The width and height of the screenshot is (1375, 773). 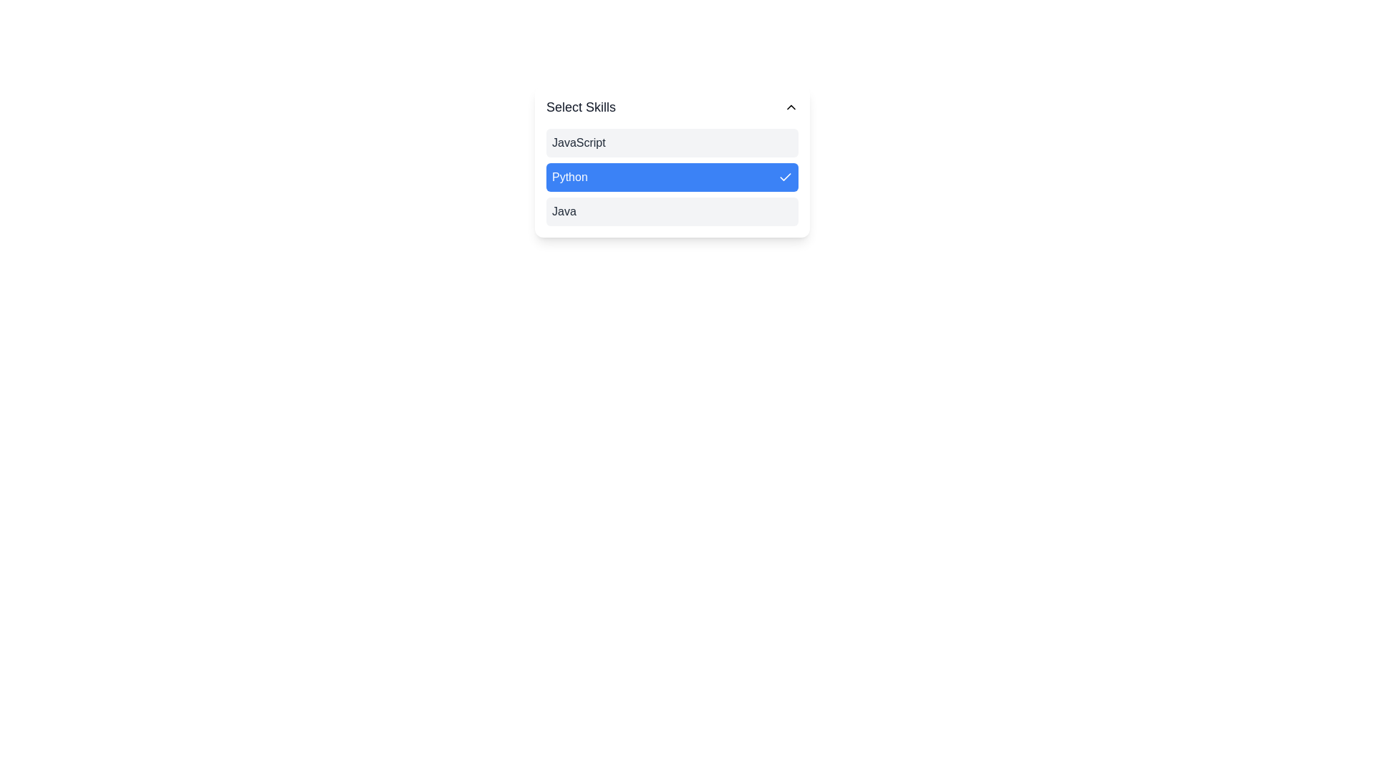 What do you see at coordinates (672, 107) in the screenshot?
I see `the dropdown header to toggle its visibility` at bounding box center [672, 107].